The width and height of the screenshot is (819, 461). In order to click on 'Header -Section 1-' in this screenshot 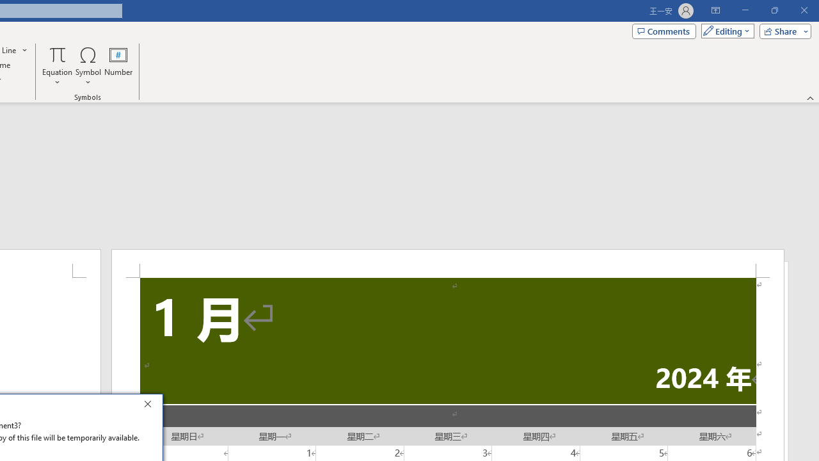, I will do `click(448, 263)`.